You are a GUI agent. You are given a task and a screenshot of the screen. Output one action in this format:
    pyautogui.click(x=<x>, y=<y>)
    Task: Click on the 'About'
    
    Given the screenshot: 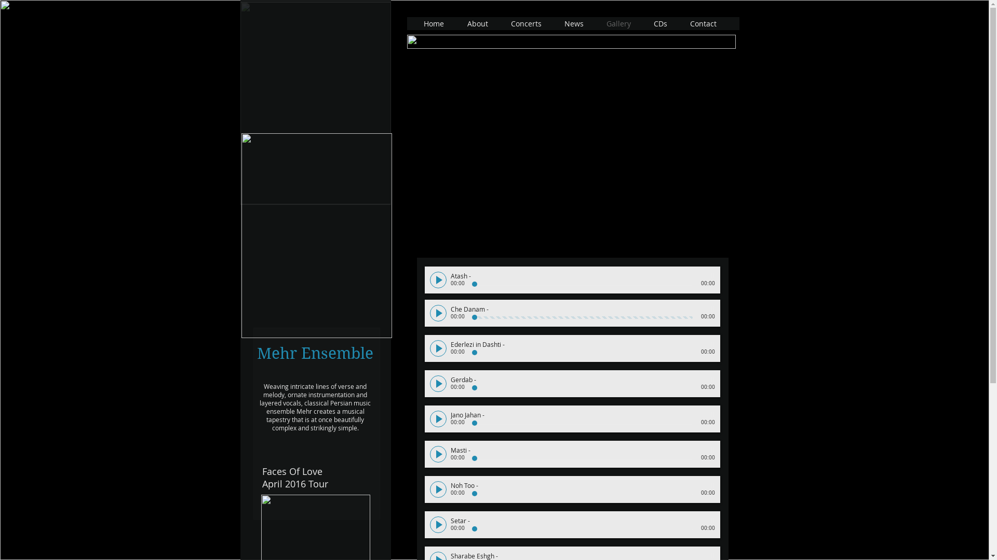 What is the action you would take?
    pyautogui.click(x=478, y=23)
    